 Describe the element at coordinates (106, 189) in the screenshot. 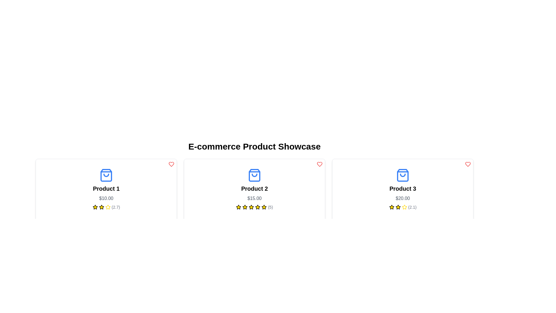

I see `text displaying the name of the product located in the leftmost product card, positioned below an icon and above a price label` at that location.